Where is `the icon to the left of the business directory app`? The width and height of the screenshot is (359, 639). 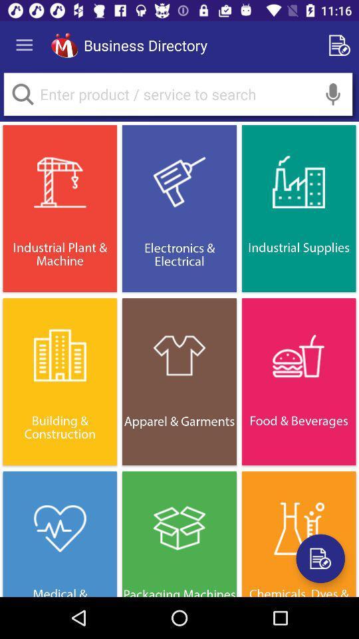
the icon to the left of the business directory app is located at coordinates (64, 45).